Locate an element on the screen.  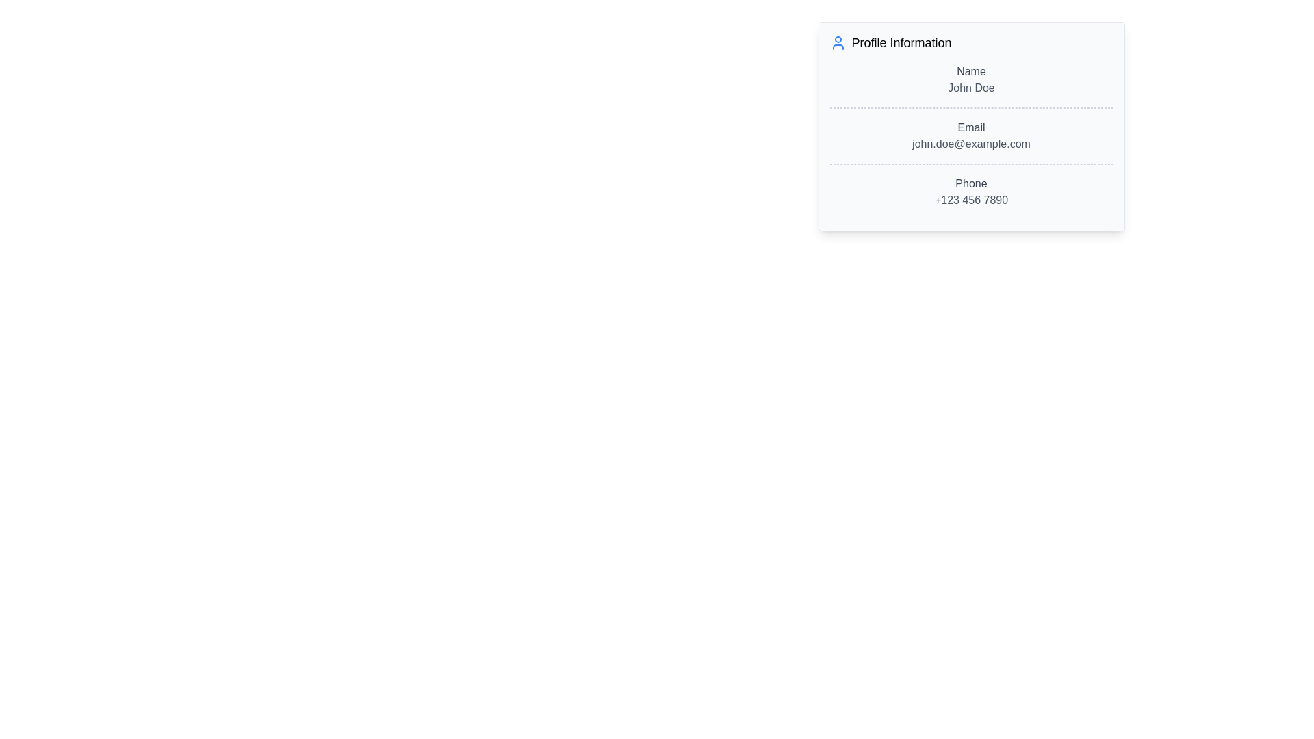
the label element that serves as a title for the associated user name in the 'Profile Information' card is located at coordinates (970, 71).